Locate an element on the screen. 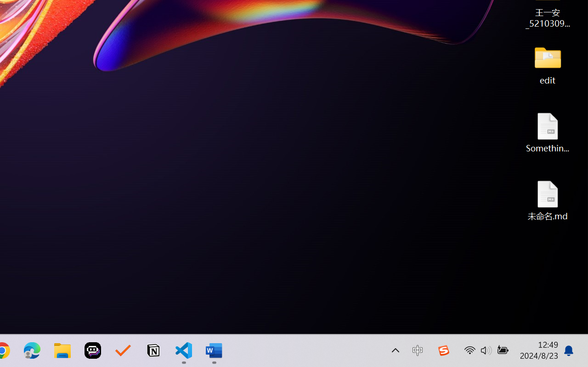 The image size is (588, 367). 'Something.md' is located at coordinates (548, 132).